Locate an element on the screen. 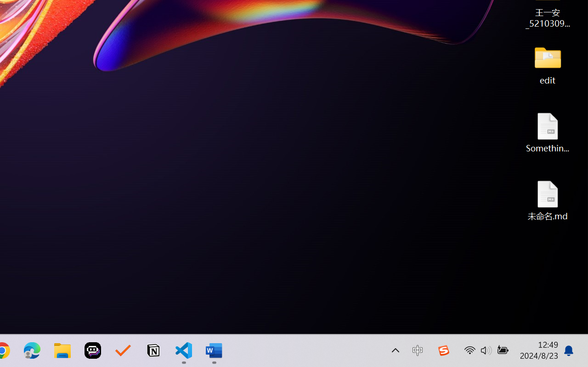 The image size is (588, 367). 'Something.md' is located at coordinates (548, 132).